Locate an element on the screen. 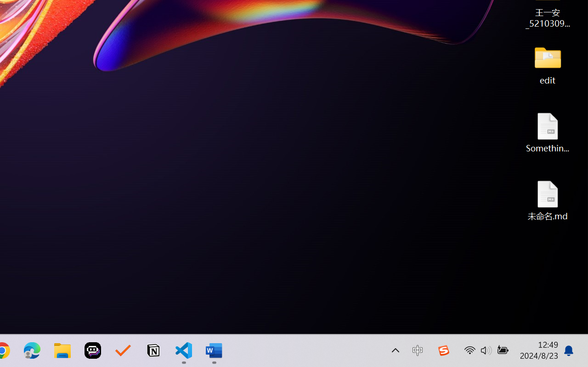 The image size is (588, 367). 'Something.md' is located at coordinates (548, 132).